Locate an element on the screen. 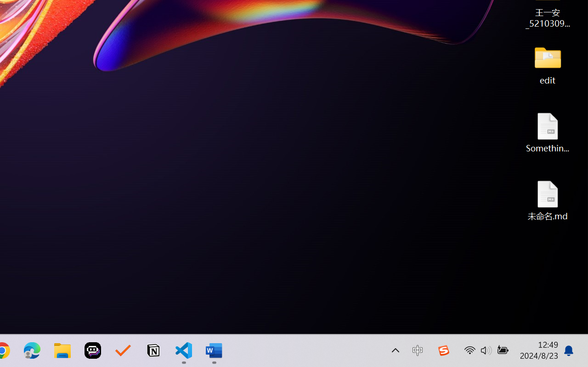 The image size is (588, 367). 'Something.md' is located at coordinates (548, 132).